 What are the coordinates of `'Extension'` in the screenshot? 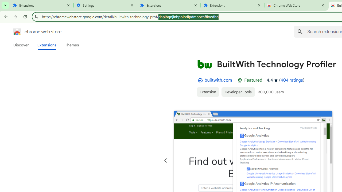 It's located at (207, 91).